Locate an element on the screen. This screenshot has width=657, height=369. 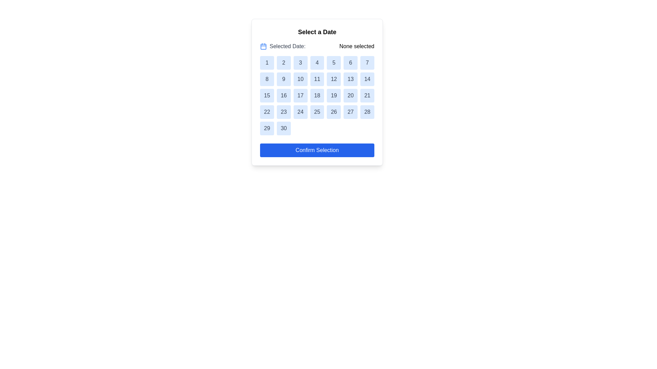
the label with the calendar icon that displays 'Selected Date:' in grey text, located near the upper section of the panel is located at coordinates (283, 46).